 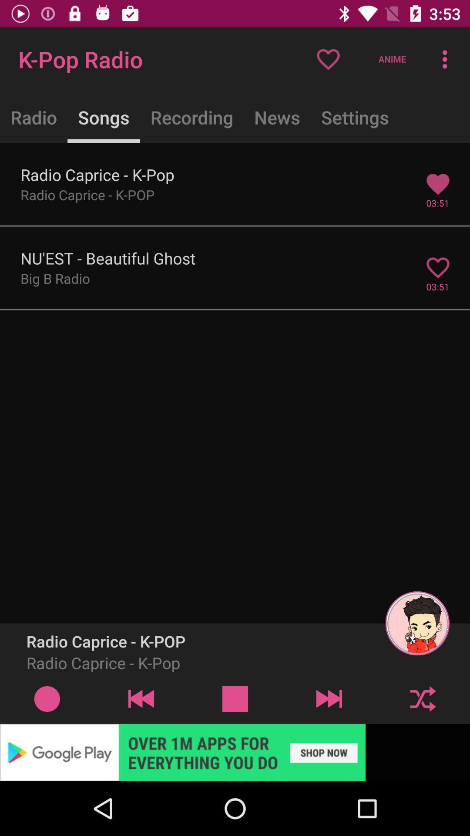 I want to click on radio caprice, so click(x=47, y=698).